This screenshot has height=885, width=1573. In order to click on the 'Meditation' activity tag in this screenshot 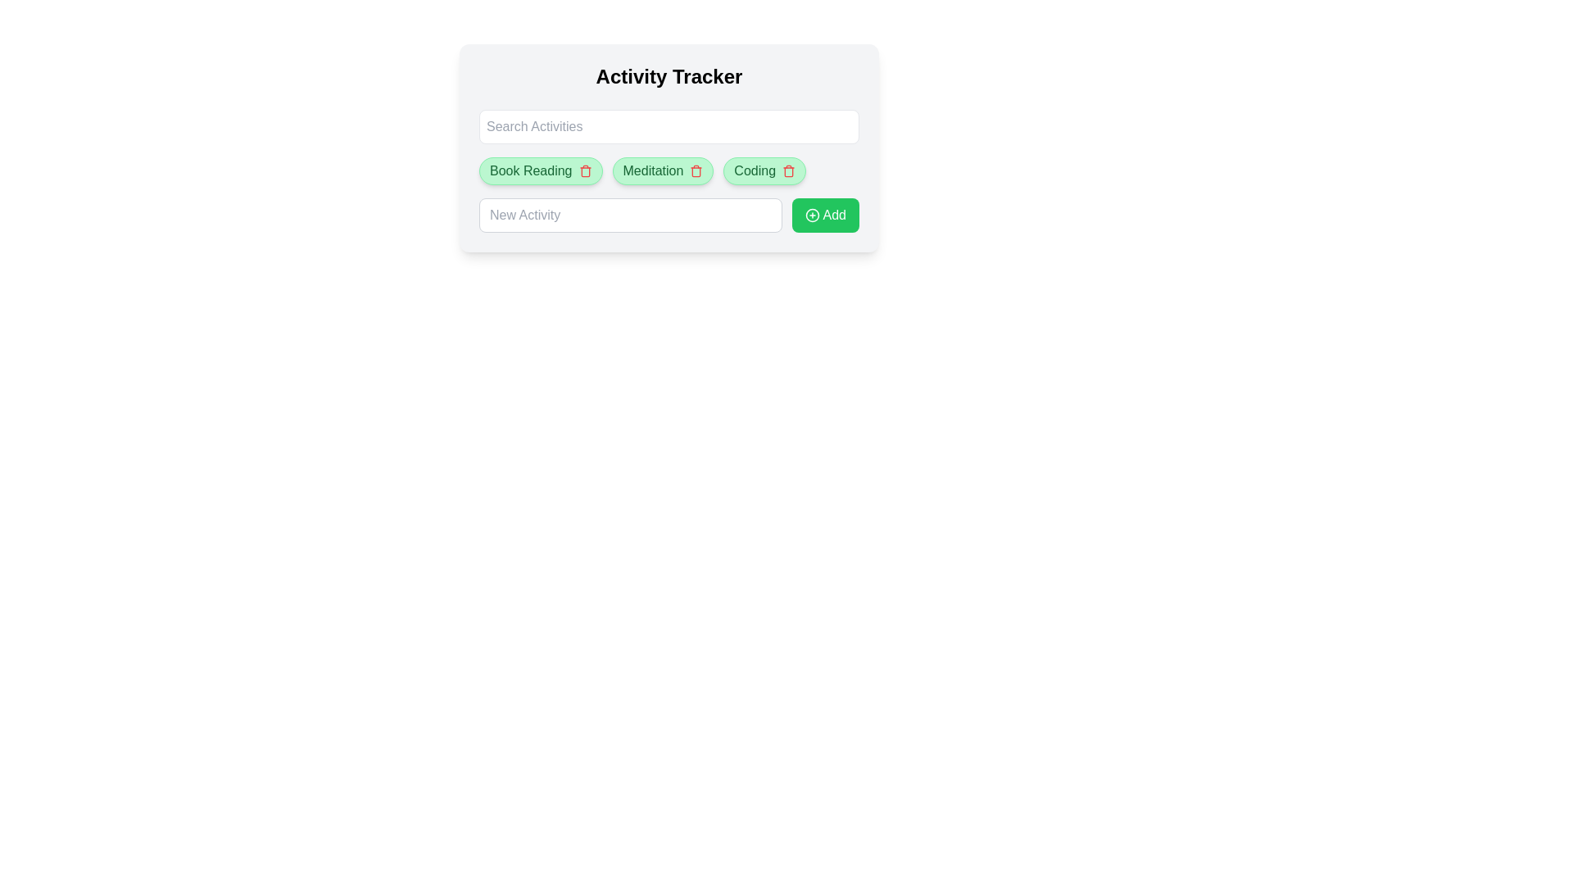, I will do `click(663, 170)`.